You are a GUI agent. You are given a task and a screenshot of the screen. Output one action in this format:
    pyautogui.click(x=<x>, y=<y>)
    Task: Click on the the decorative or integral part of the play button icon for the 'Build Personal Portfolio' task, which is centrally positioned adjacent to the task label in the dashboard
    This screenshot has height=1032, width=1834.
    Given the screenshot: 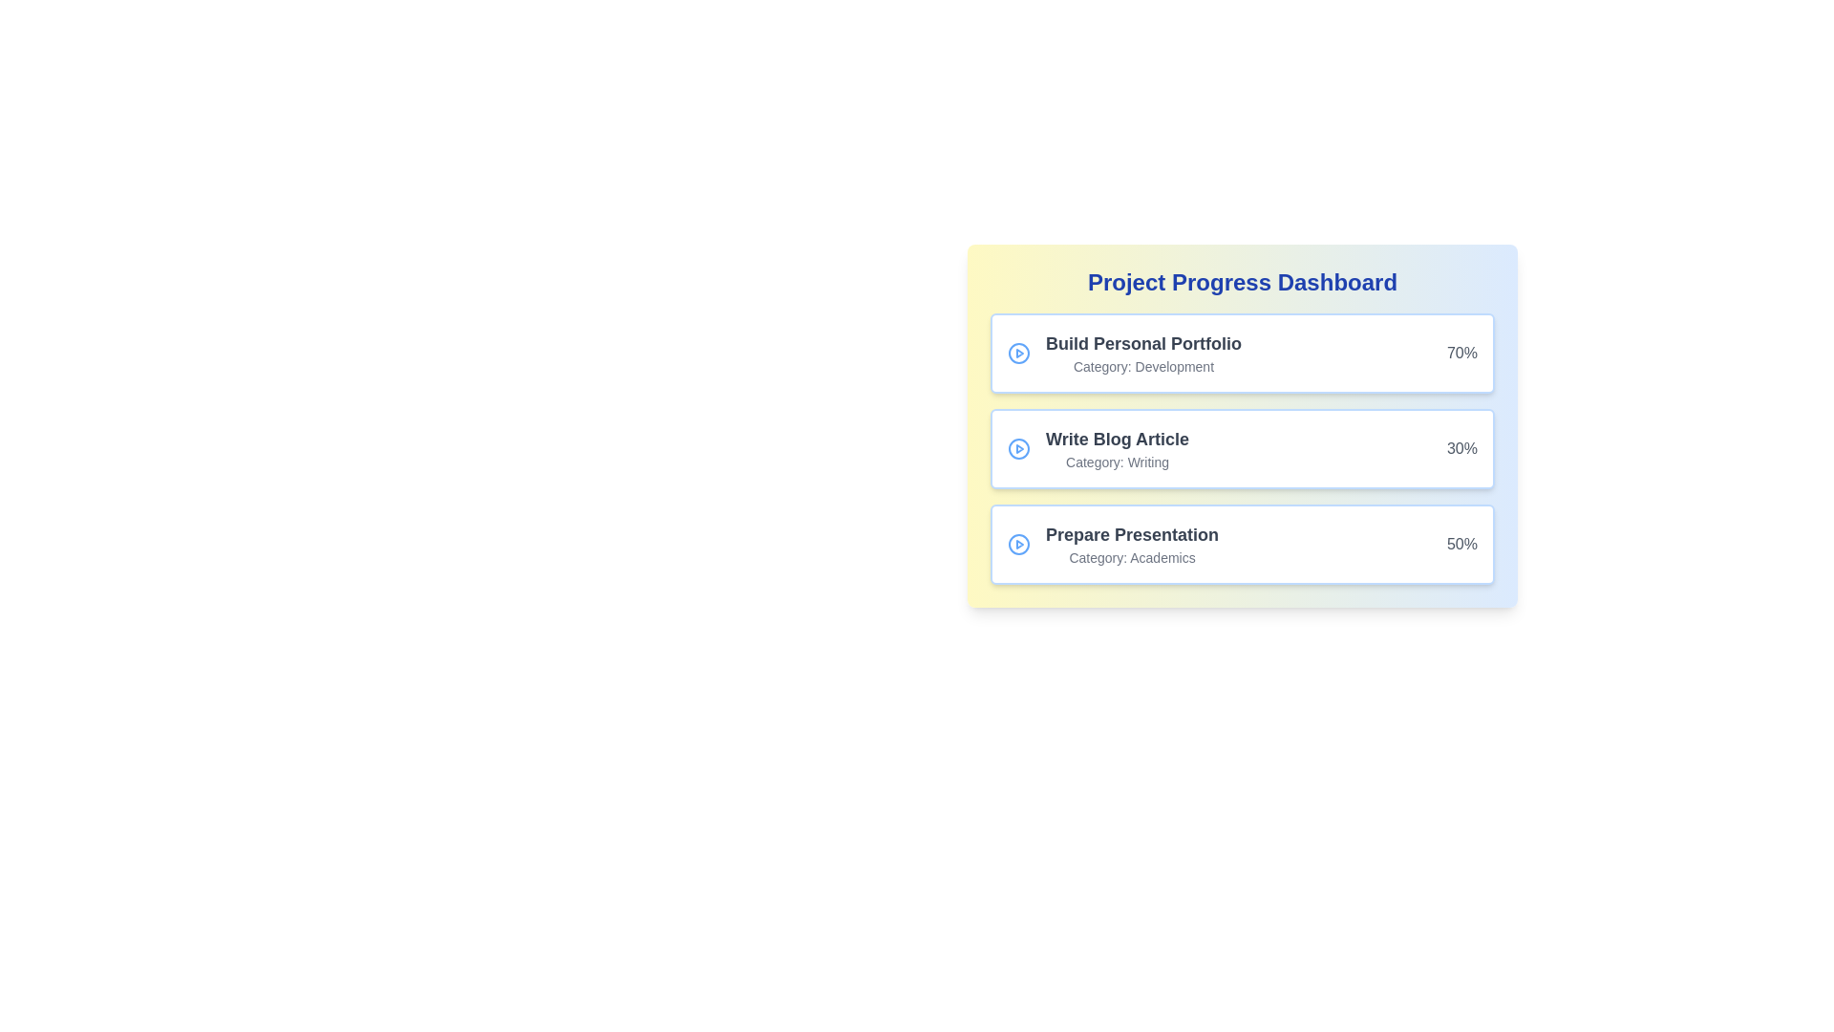 What is the action you would take?
    pyautogui.click(x=1017, y=354)
    